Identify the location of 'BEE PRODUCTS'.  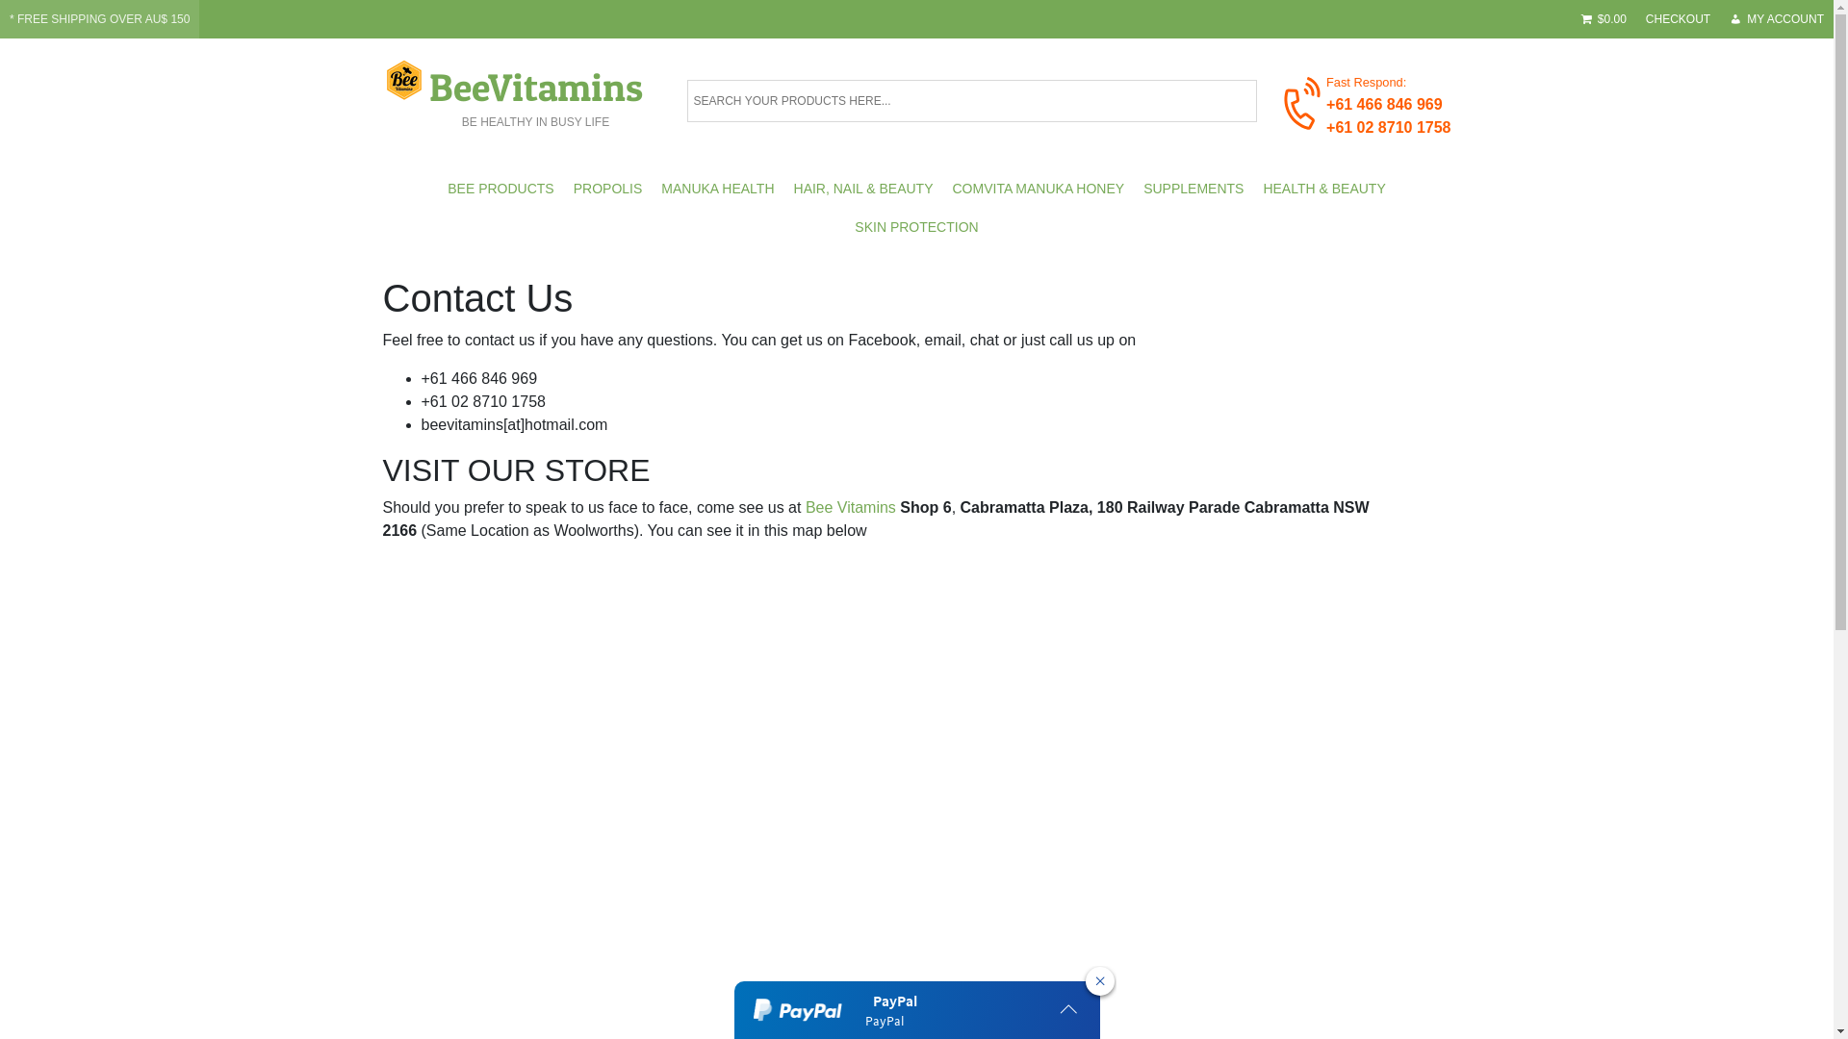
(500, 189).